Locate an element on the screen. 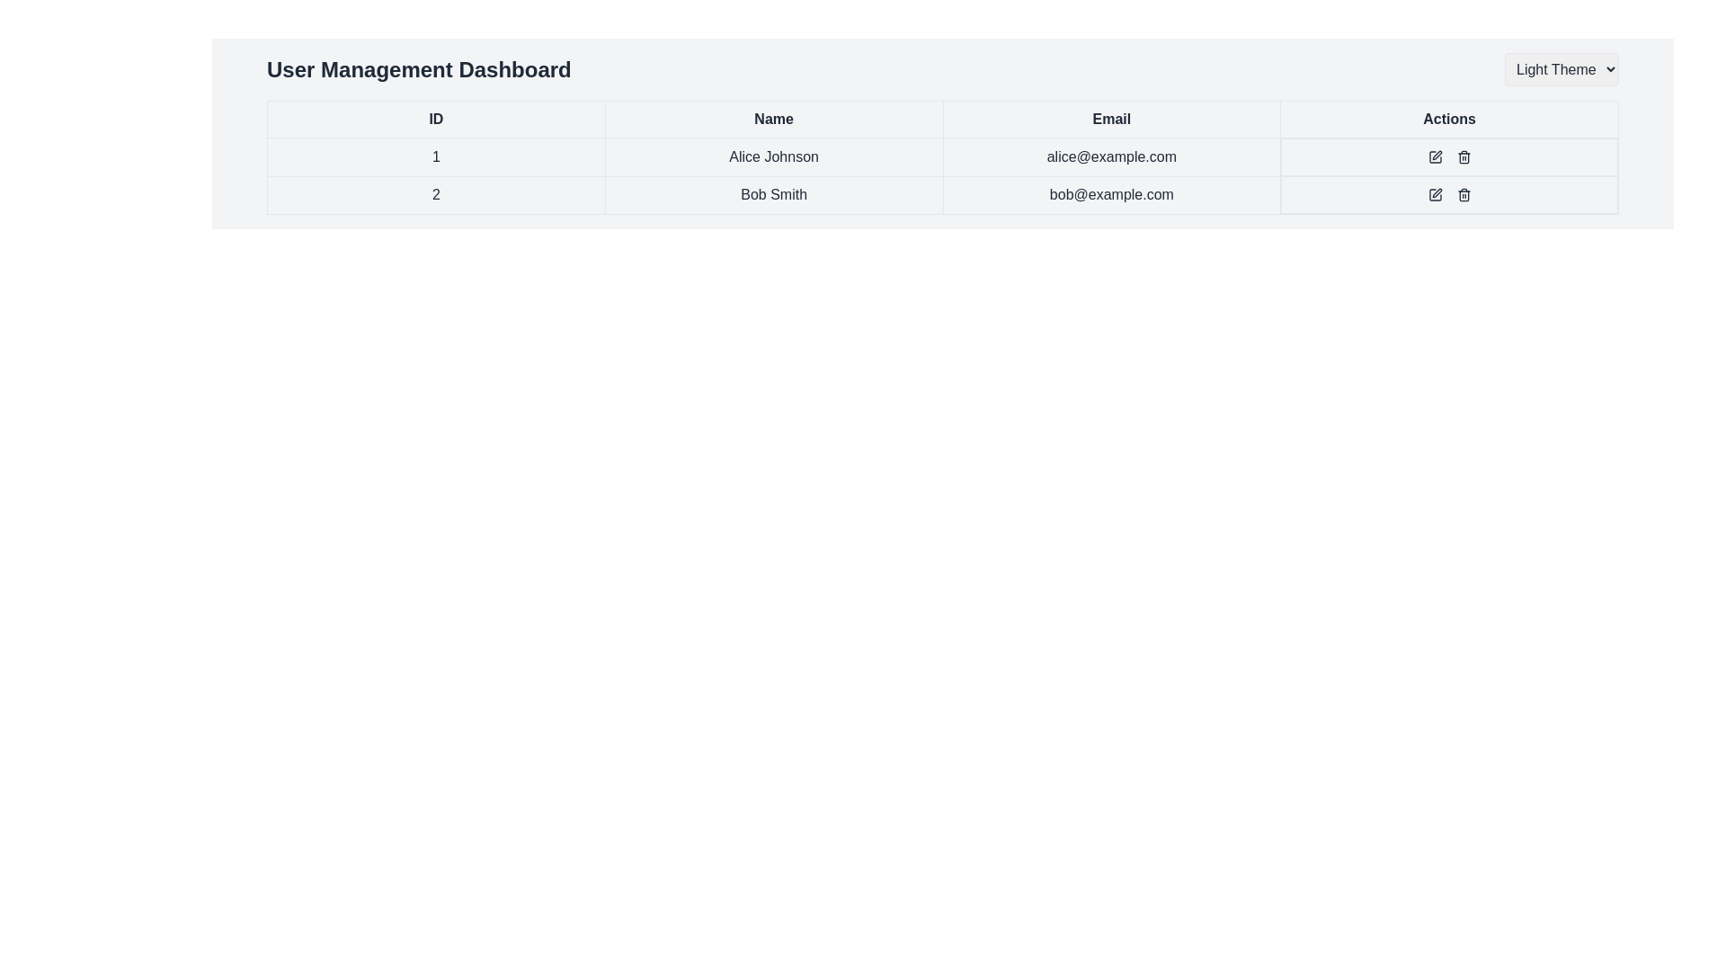 Image resolution: width=1726 pixels, height=971 pixels. the 'Name' column header in the table, which is the second header positioned between 'ID' and 'Email' is located at coordinates (774, 119).